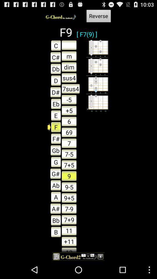 The image size is (157, 279). What do you see at coordinates (54, 220) in the screenshot?
I see `the button next to 7-9 button` at bounding box center [54, 220].